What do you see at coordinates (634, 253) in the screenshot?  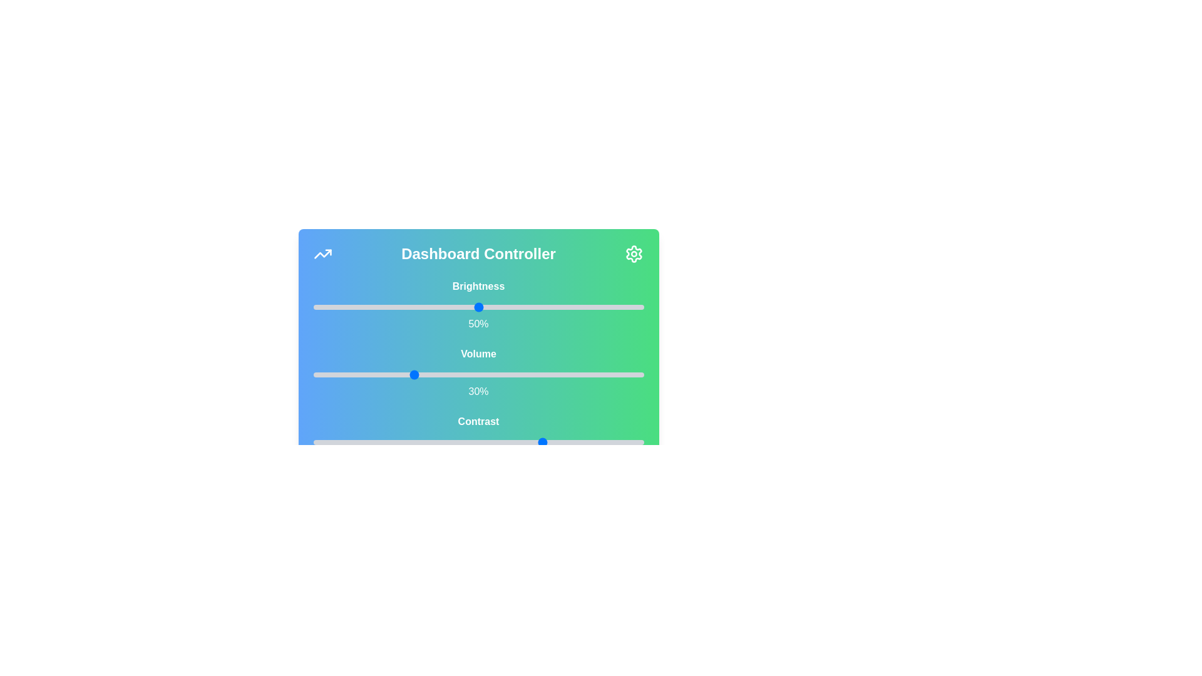 I see `the settings icon to open the settings menu` at bounding box center [634, 253].